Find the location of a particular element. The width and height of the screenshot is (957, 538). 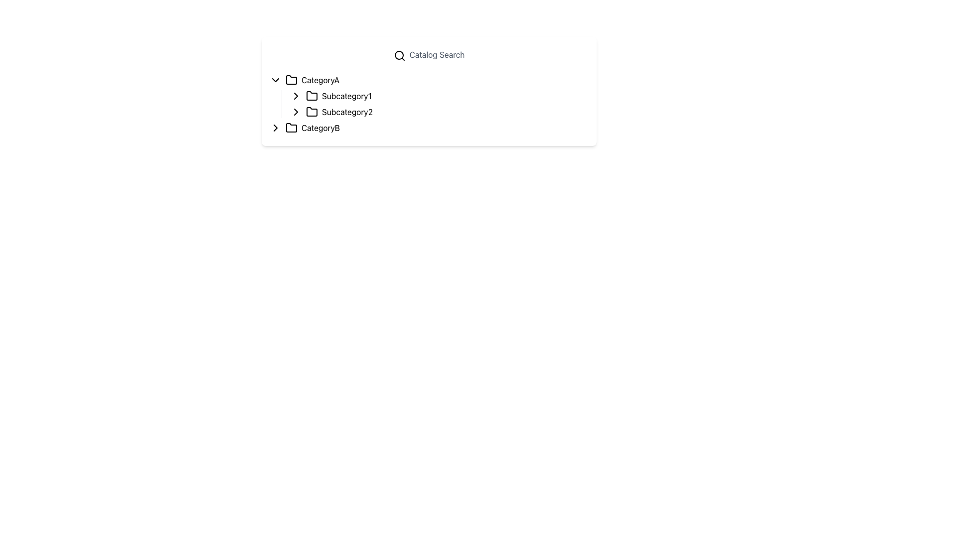

the folder icon adjacent to the text label 'Subcategory2' under 'CategoryA' is located at coordinates (311, 111).